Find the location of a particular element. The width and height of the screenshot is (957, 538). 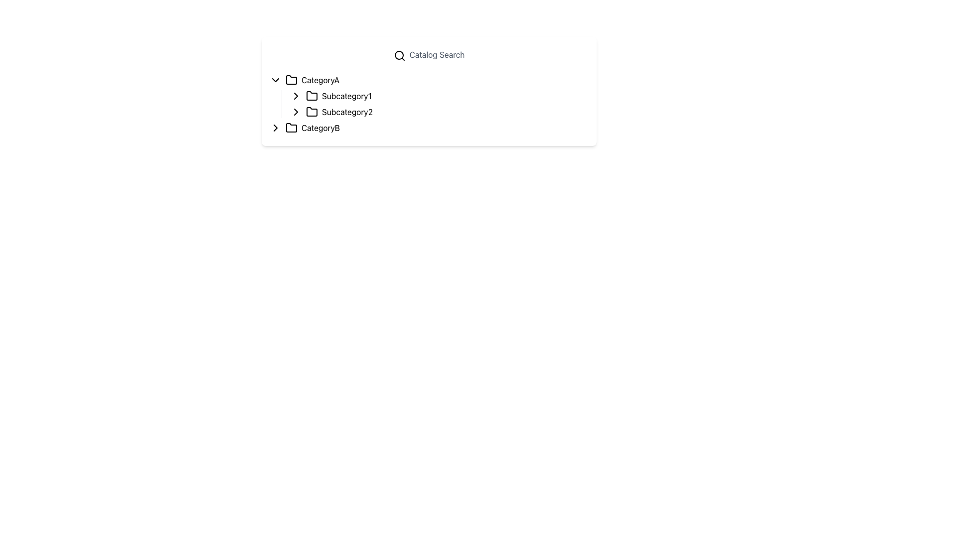

the folder icon adjacent to the text label 'Subcategory2' under 'CategoryA' is located at coordinates (311, 111).